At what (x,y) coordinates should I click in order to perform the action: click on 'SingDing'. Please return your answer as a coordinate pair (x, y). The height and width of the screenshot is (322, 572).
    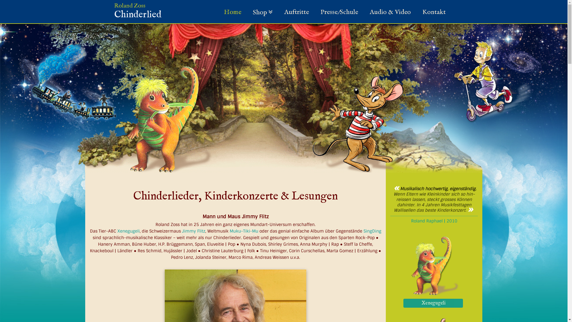
    Looking at the image, I should click on (372, 231).